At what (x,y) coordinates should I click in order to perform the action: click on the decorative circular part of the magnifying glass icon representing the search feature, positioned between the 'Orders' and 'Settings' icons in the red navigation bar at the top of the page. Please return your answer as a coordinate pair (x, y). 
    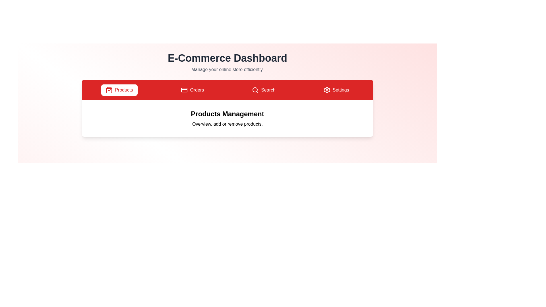
    Looking at the image, I should click on (255, 90).